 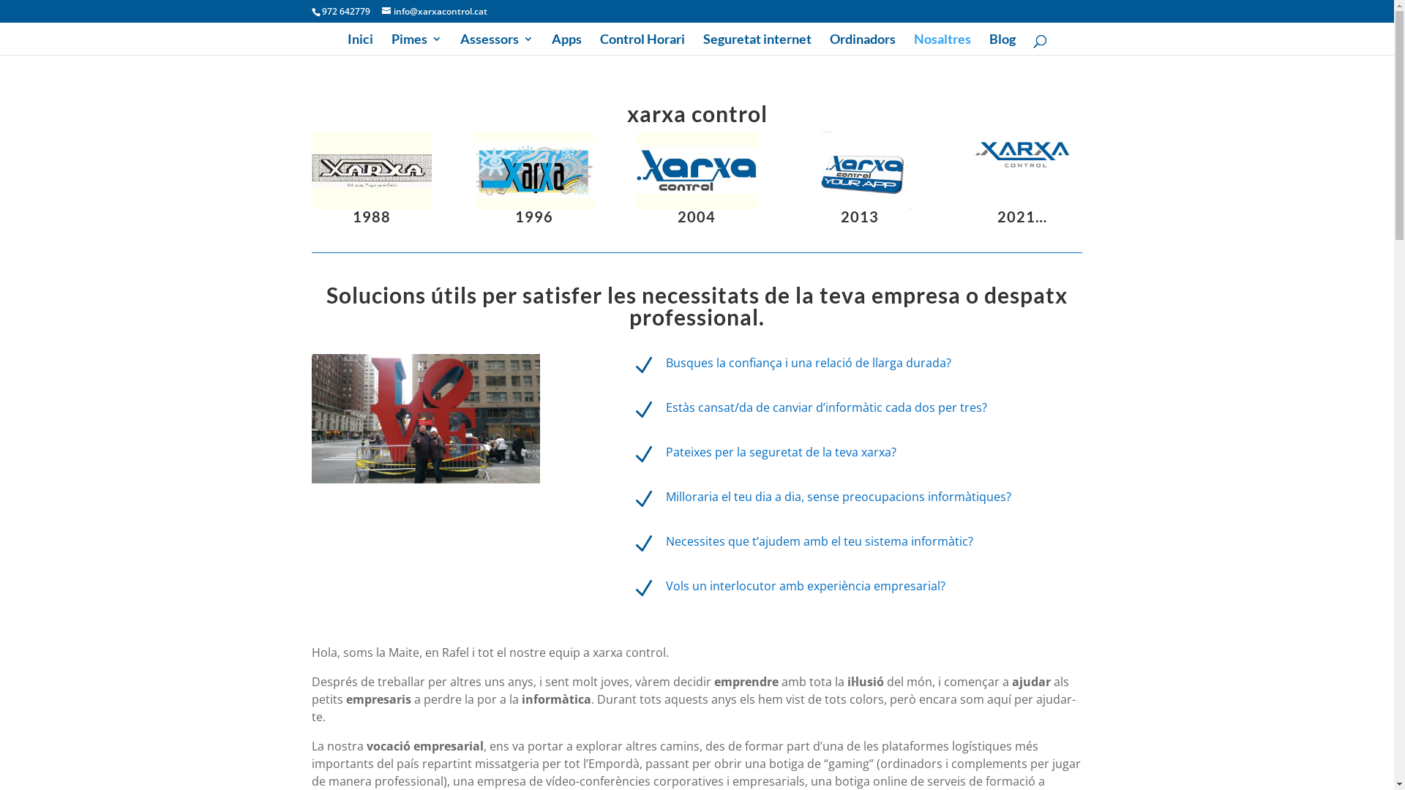 What do you see at coordinates (941, 43) in the screenshot?
I see `'Nosaltres'` at bounding box center [941, 43].